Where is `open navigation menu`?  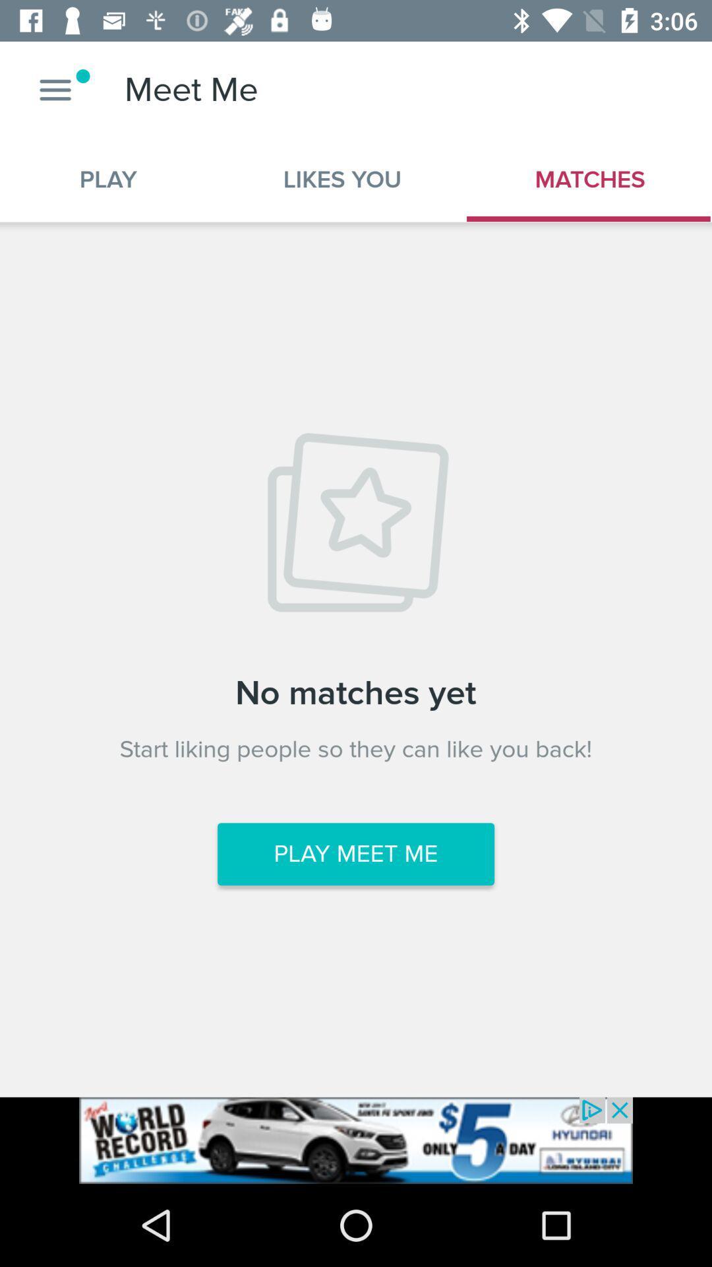 open navigation menu is located at coordinates (55, 89).